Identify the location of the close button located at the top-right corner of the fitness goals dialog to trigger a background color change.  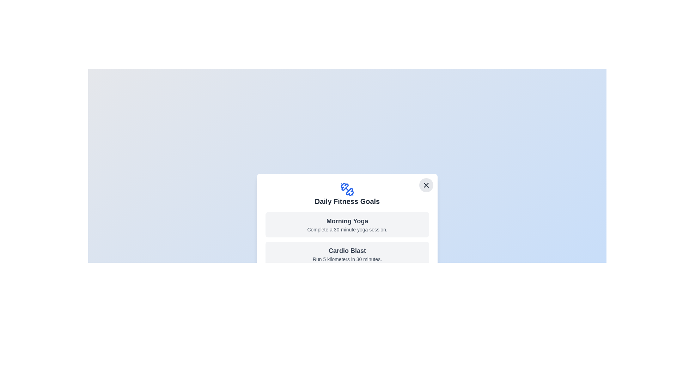
(426, 185).